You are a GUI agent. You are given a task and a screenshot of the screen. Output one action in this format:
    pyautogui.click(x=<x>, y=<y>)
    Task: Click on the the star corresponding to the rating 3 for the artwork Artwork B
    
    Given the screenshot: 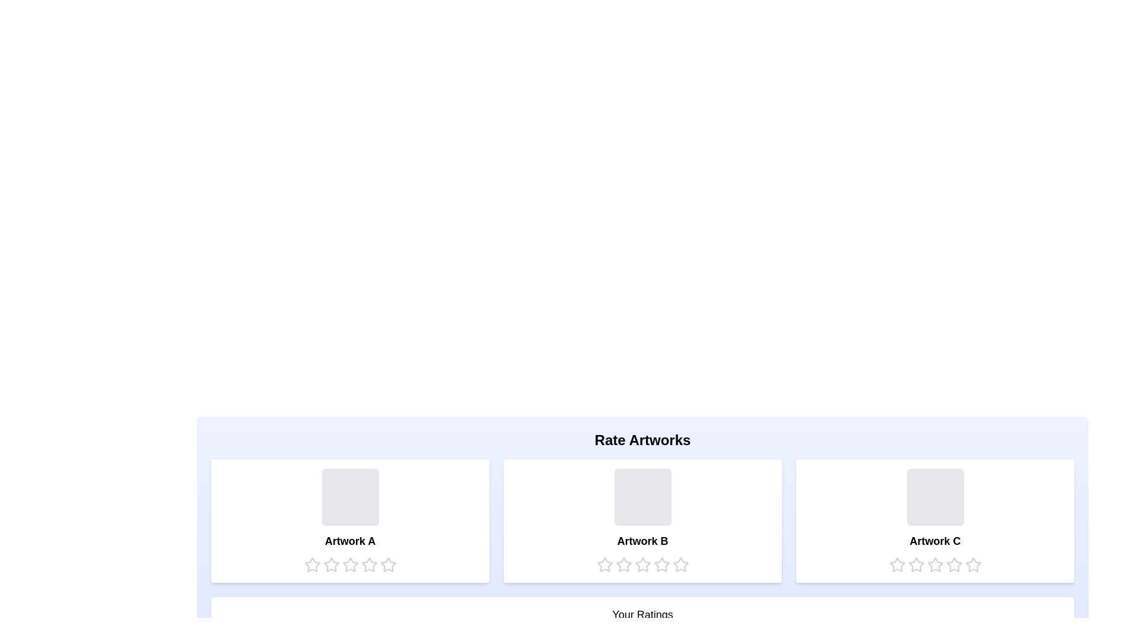 What is the action you would take?
    pyautogui.click(x=642, y=564)
    